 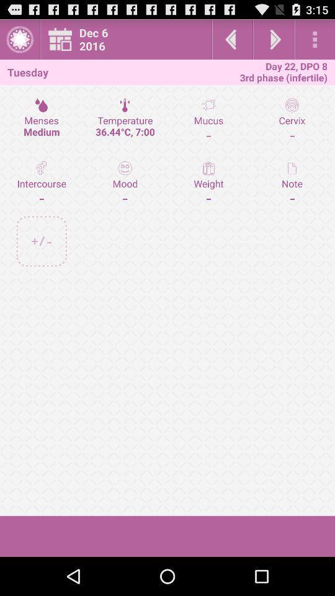 I want to click on settings, so click(x=315, y=39).